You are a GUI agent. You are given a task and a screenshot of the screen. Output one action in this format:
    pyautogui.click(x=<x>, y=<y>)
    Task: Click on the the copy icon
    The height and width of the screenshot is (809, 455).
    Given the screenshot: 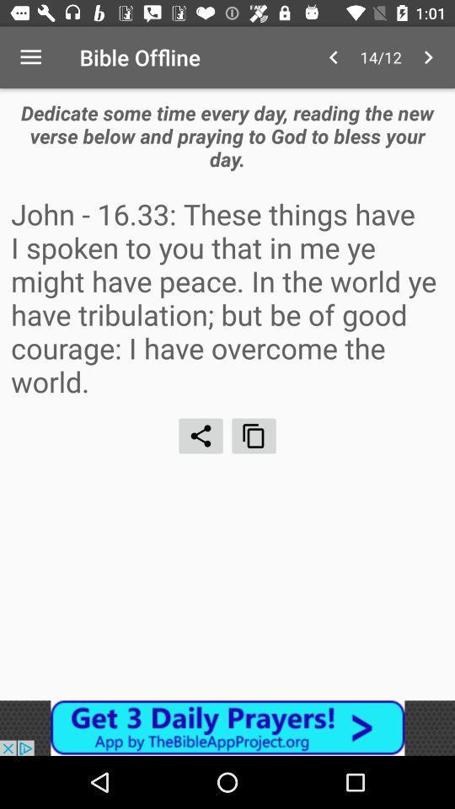 What is the action you would take?
    pyautogui.click(x=253, y=435)
    